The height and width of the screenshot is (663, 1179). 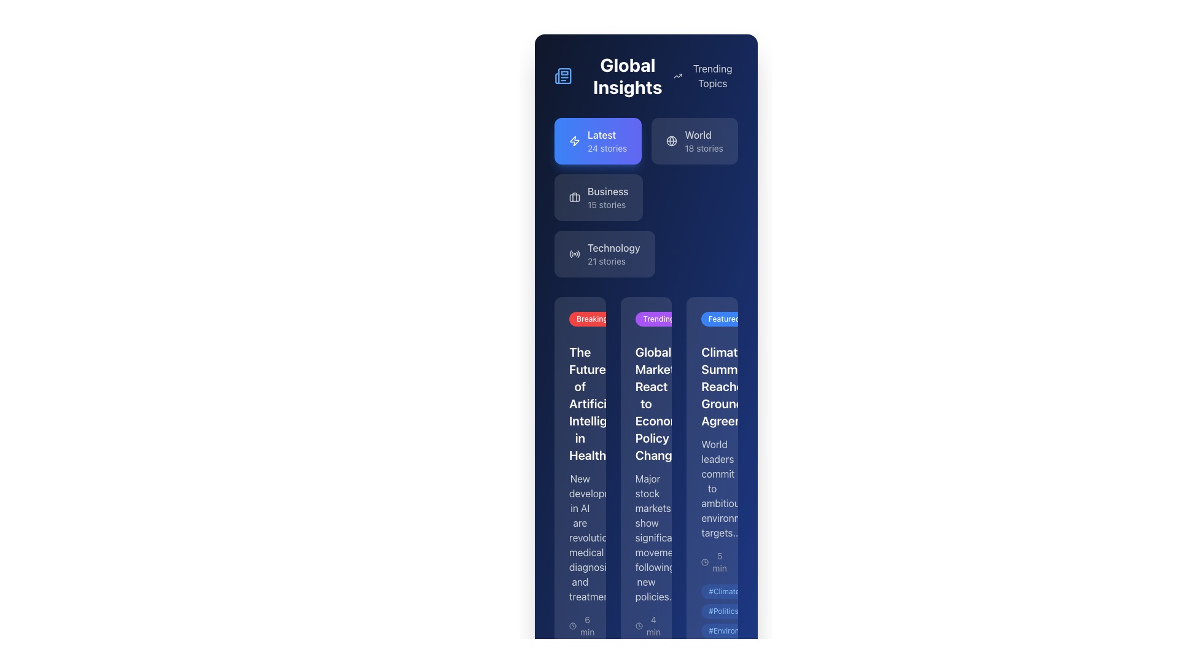 I want to click on 'Business' text label that signifies the Business section of the application, located to the right of the category icon, above the '15 stories' text component, so click(x=608, y=192).